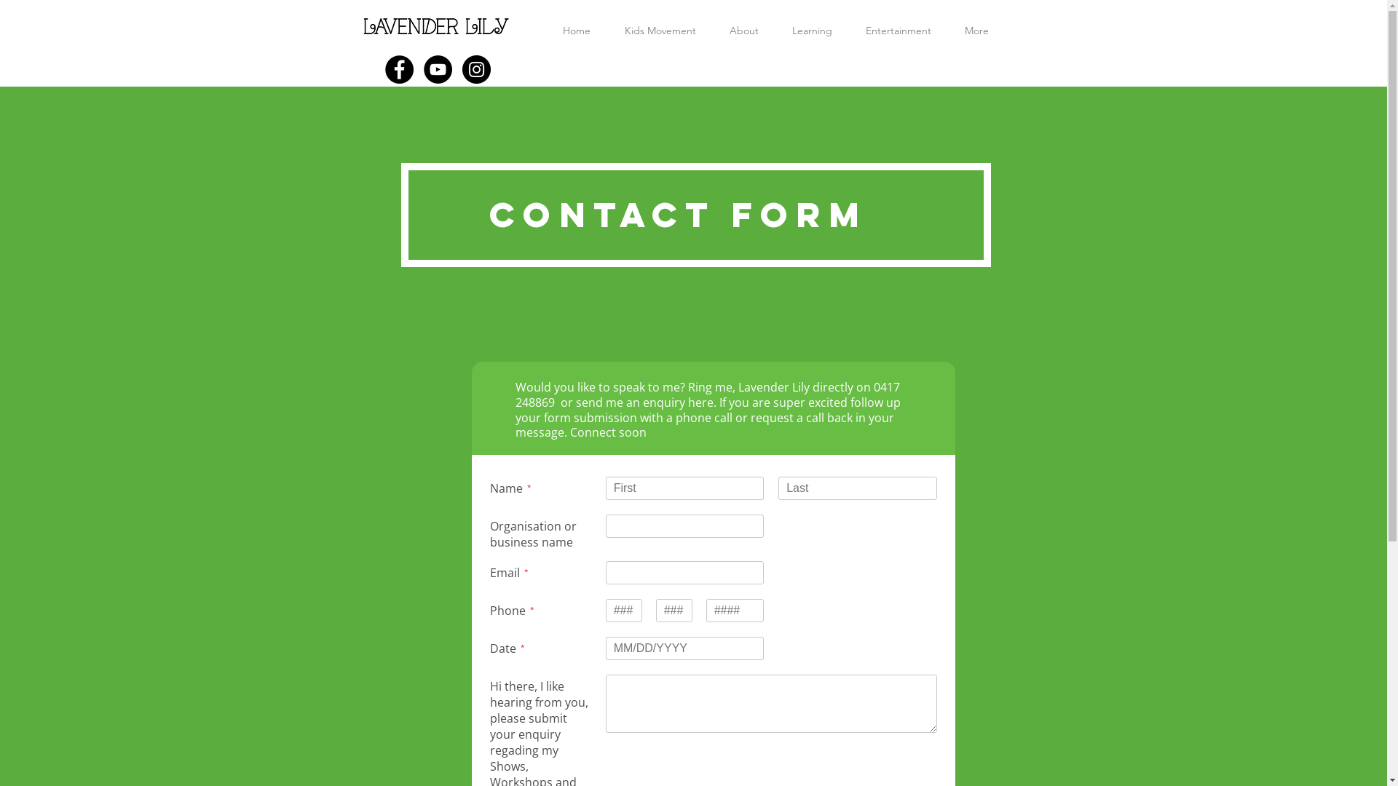 The image size is (1398, 786). What do you see at coordinates (712, 31) in the screenshot?
I see `'About'` at bounding box center [712, 31].